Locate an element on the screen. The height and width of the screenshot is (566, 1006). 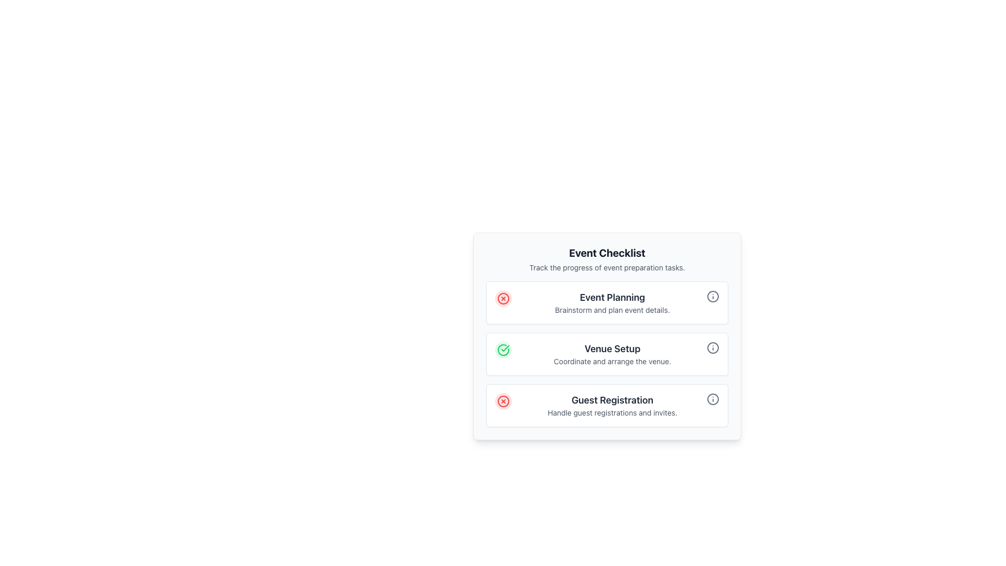
the circular icon with a red border containing a red 'X' shape, which is the first icon to the left of the 'Event Planning' text in the 'Event Checklist' section is located at coordinates (503, 299).